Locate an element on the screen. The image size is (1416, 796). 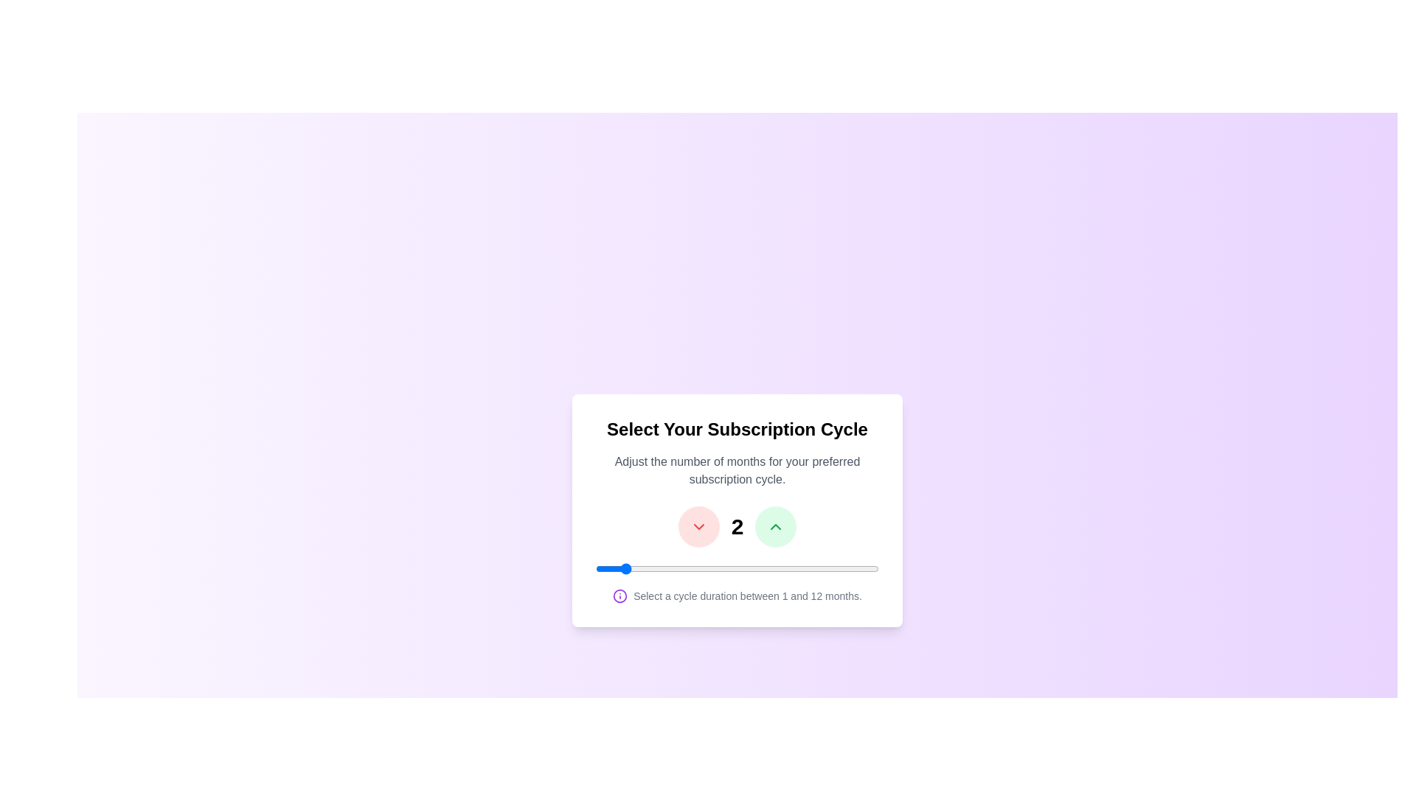
information displayed in the text header that says 'Select Your Subscription Cycle', which is prominently positioned at the top of the subscription cycle selection interface is located at coordinates (737, 429).